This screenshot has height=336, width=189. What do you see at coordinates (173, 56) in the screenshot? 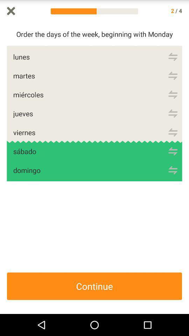
I see `adjust` at bounding box center [173, 56].